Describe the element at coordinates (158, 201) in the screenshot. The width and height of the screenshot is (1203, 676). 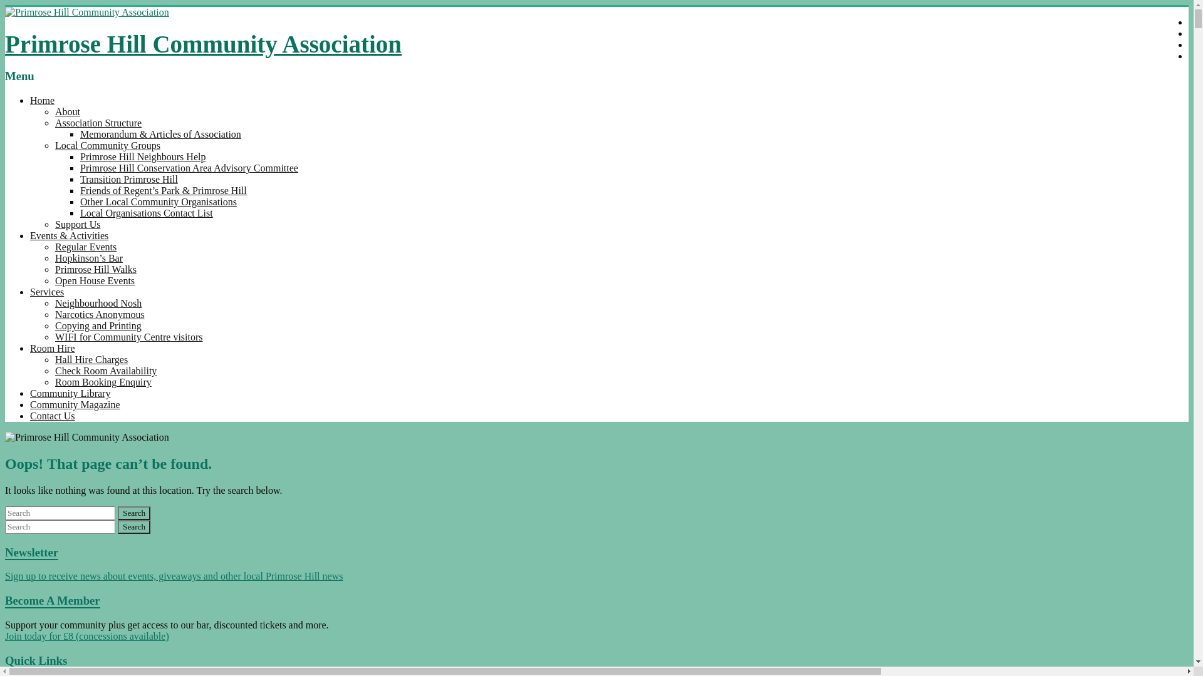
I see `'Other Local Community Organisations'` at that location.